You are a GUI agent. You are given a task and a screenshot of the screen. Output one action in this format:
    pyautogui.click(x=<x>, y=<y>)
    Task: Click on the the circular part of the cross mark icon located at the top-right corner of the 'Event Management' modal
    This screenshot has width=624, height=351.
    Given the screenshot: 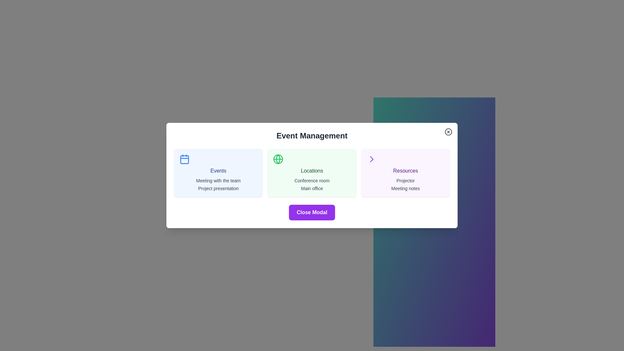 What is the action you would take?
    pyautogui.click(x=448, y=132)
    